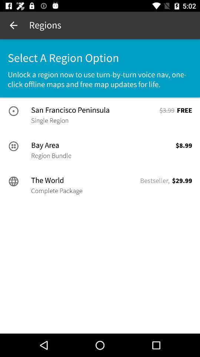 The image size is (200, 357). I want to click on the complete package, so click(56, 190).